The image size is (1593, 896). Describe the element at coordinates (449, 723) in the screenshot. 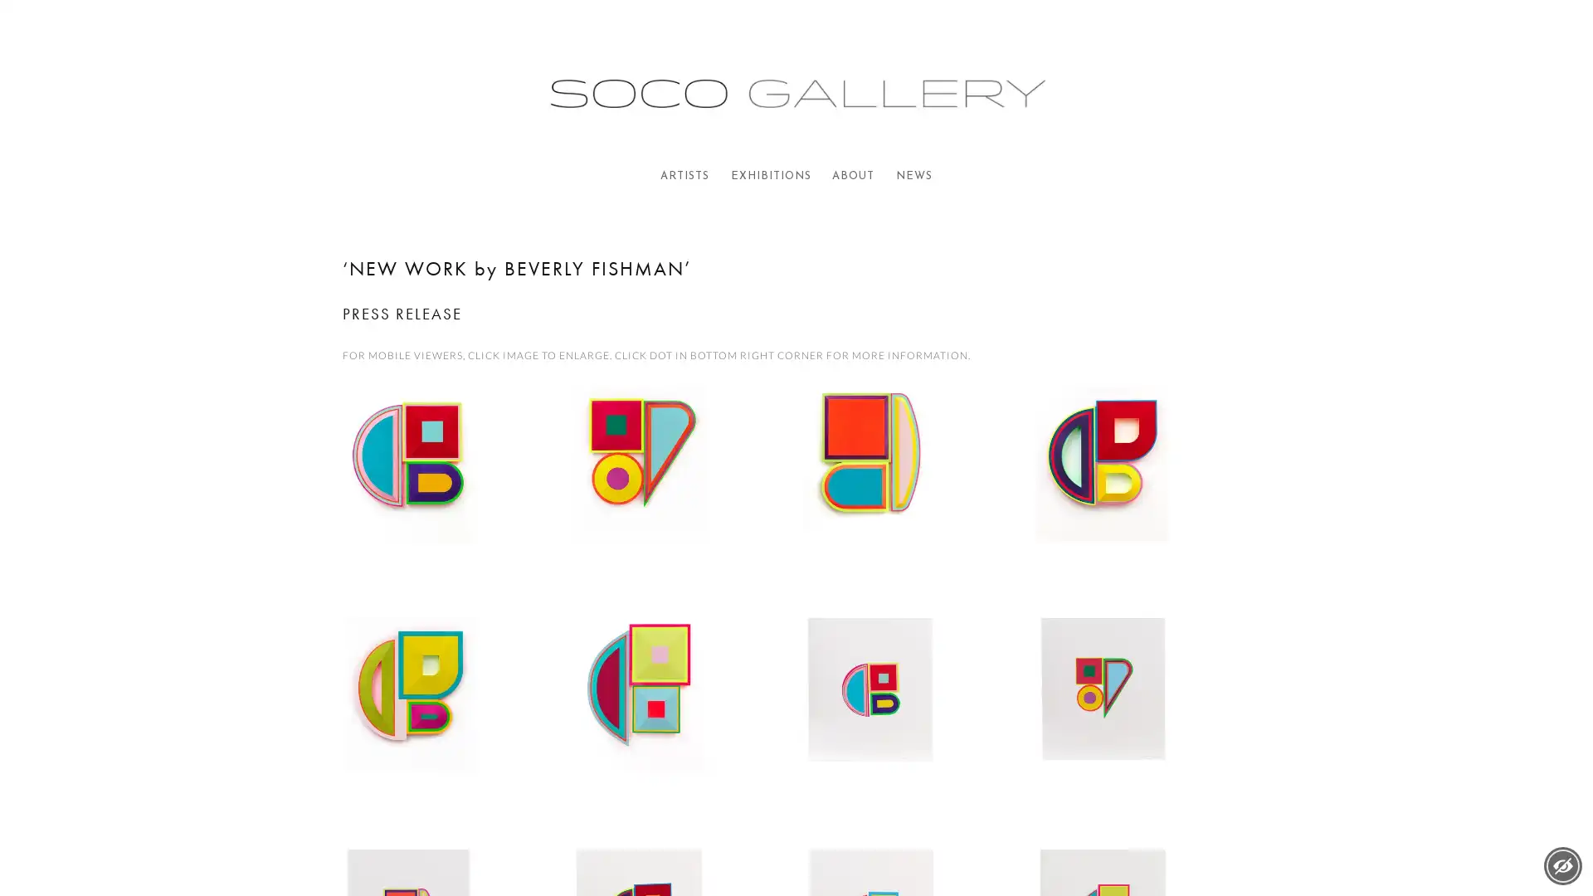

I see `View fullsize BEVERLY FISHMAN Untitled (Pain, Opioid Addiction, Anxiety), 2021 Urethane paint on wood 44.75 x 45 inches INQUIRE +` at that location.